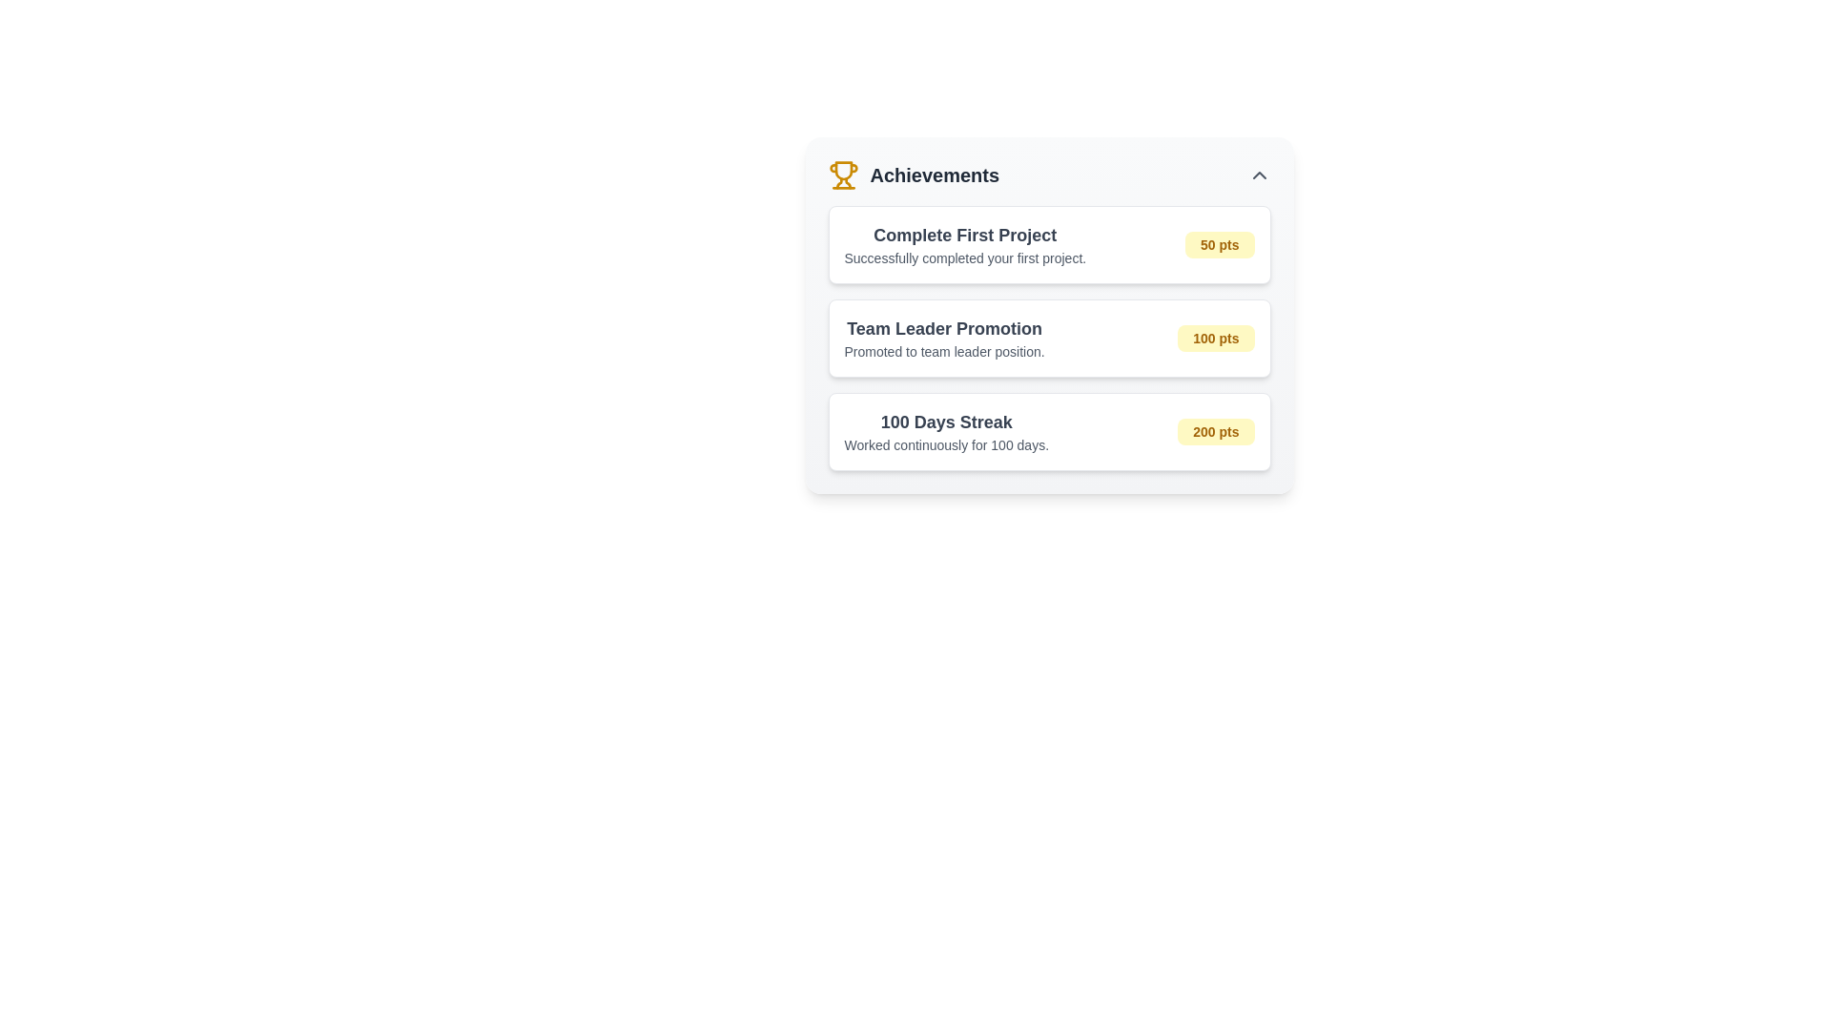 Image resolution: width=1831 pixels, height=1030 pixels. Describe the element at coordinates (1259, 175) in the screenshot. I see `the chevron icon in the top-right corner of the 'Achievements' section` at that location.